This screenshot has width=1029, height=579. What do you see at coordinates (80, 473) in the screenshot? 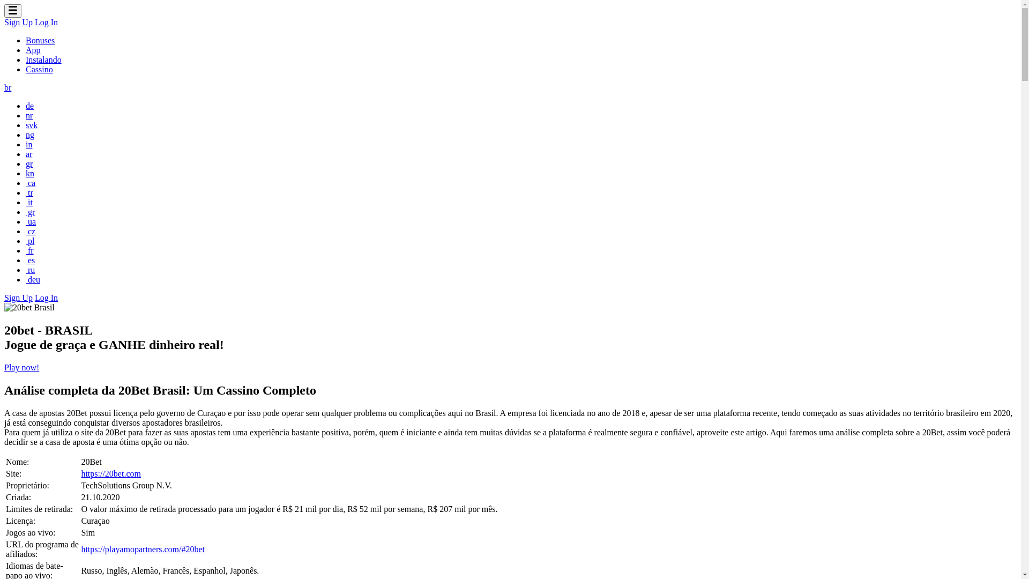
I see `'https://20bet.com'` at bounding box center [80, 473].